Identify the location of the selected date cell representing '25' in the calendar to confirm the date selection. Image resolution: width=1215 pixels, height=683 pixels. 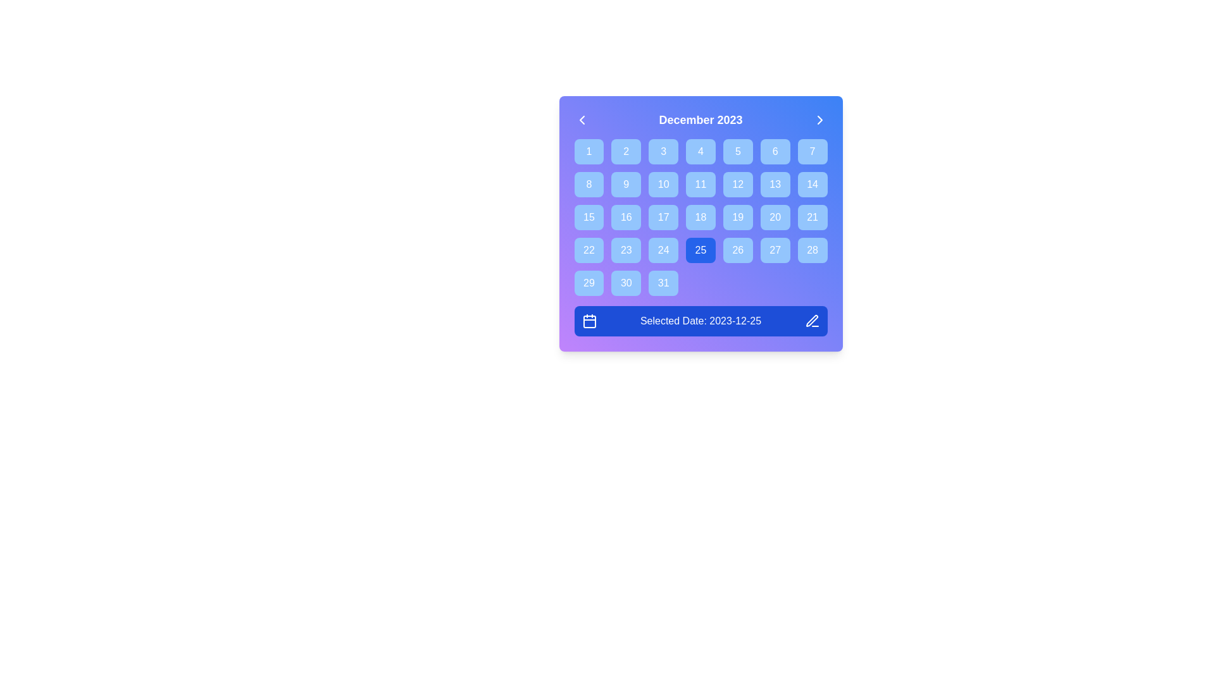
(700, 223).